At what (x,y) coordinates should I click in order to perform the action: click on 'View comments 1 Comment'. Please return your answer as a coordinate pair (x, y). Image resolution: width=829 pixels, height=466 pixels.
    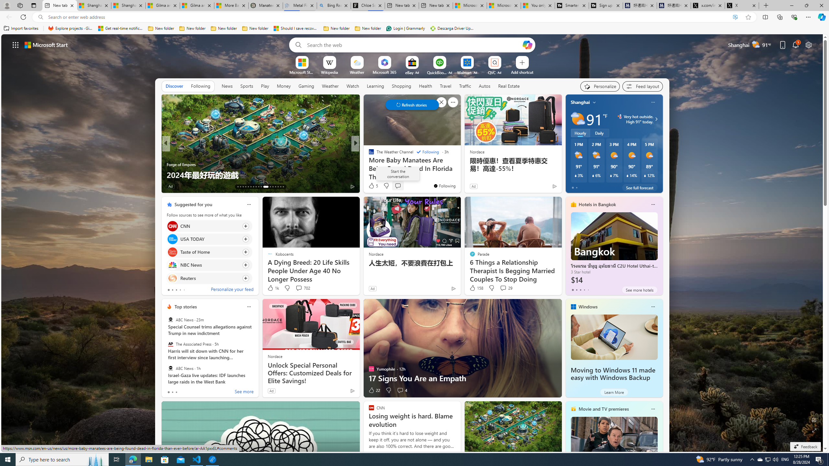
    Looking at the image, I should click on (400, 186).